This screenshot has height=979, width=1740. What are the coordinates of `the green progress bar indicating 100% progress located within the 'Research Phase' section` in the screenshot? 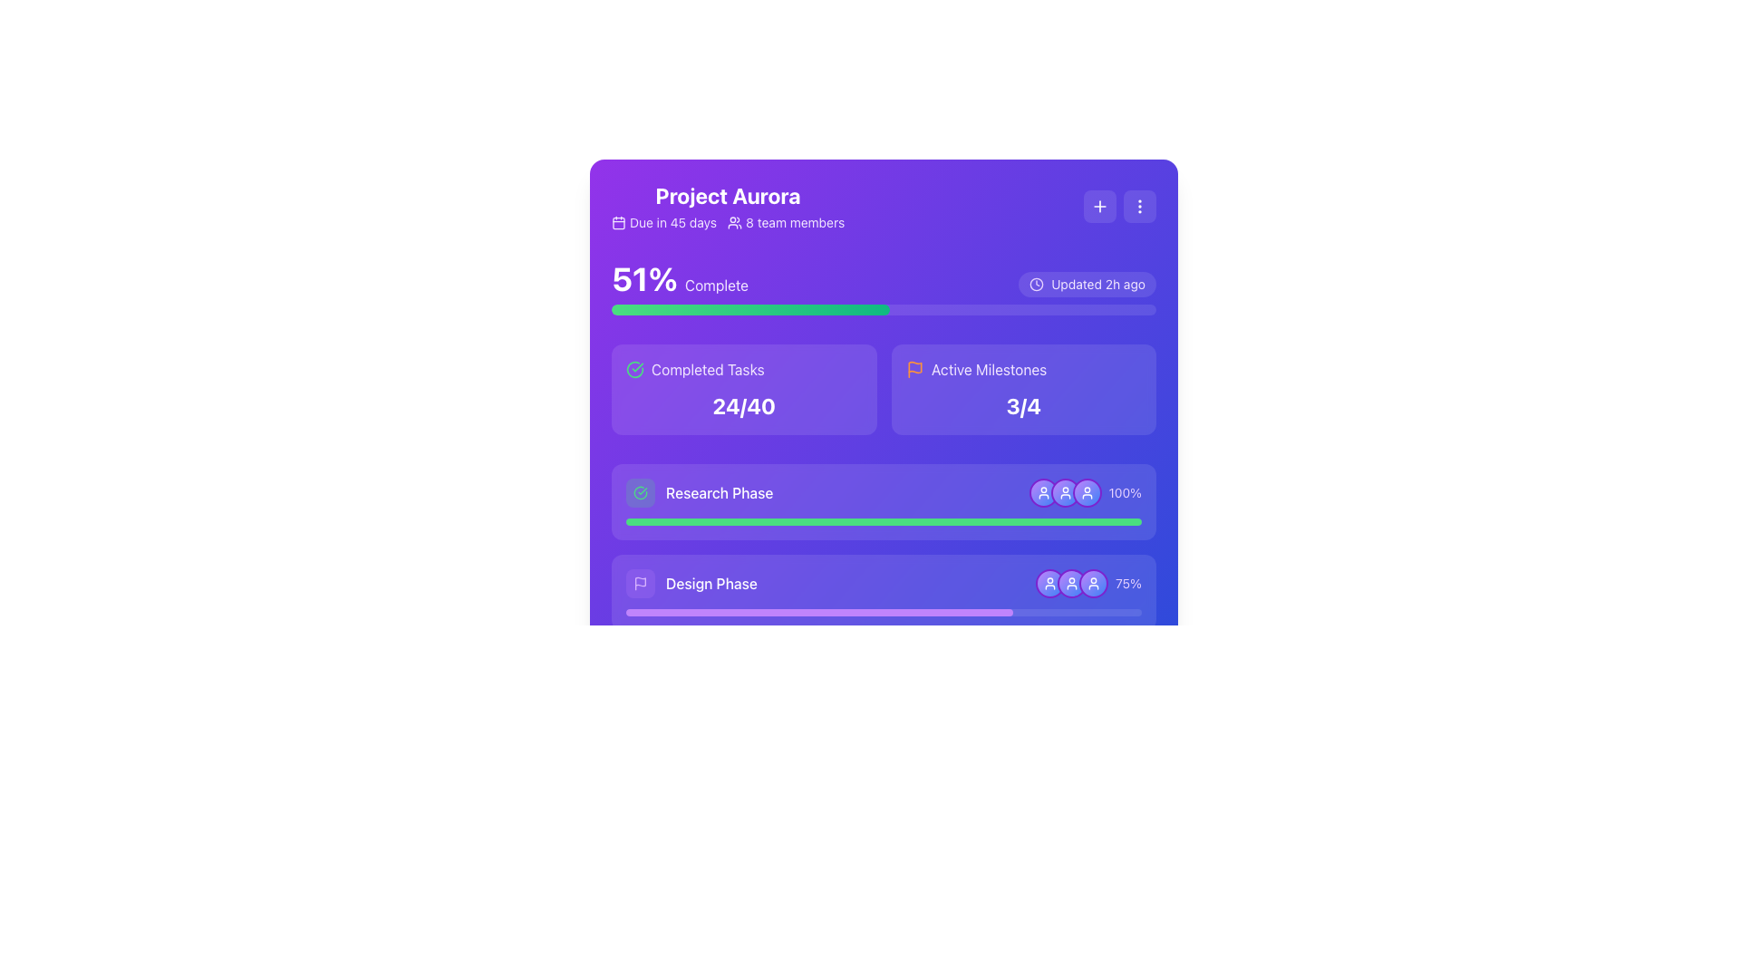 It's located at (884, 521).